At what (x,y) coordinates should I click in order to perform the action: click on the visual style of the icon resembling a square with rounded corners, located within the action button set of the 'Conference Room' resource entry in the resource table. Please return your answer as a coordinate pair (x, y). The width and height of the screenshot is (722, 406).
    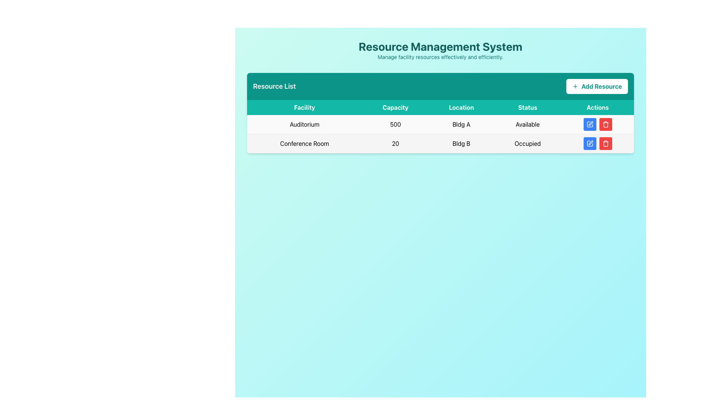
    Looking at the image, I should click on (589, 143).